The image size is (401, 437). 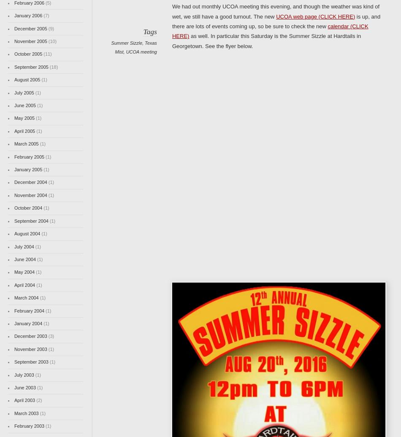 What do you see at coordinates (14, 272) in the screenshot?
I see `'May 2004'` at bounding box center [14, 272].